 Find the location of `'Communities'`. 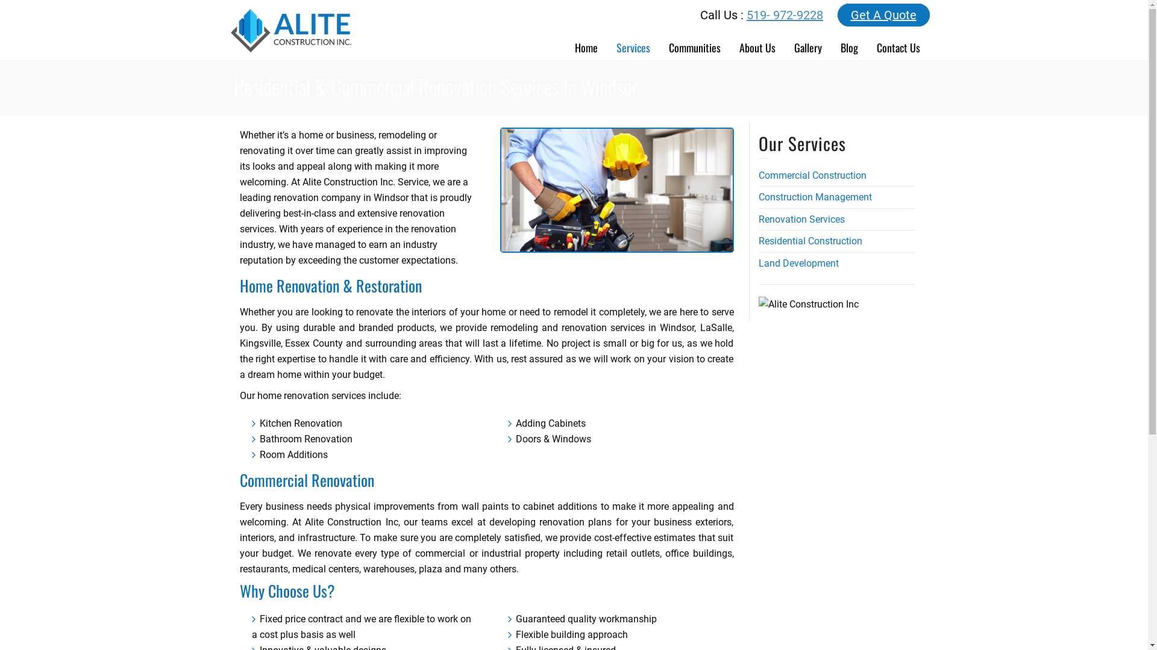

'Communities' is located at coordinates (694, 43).